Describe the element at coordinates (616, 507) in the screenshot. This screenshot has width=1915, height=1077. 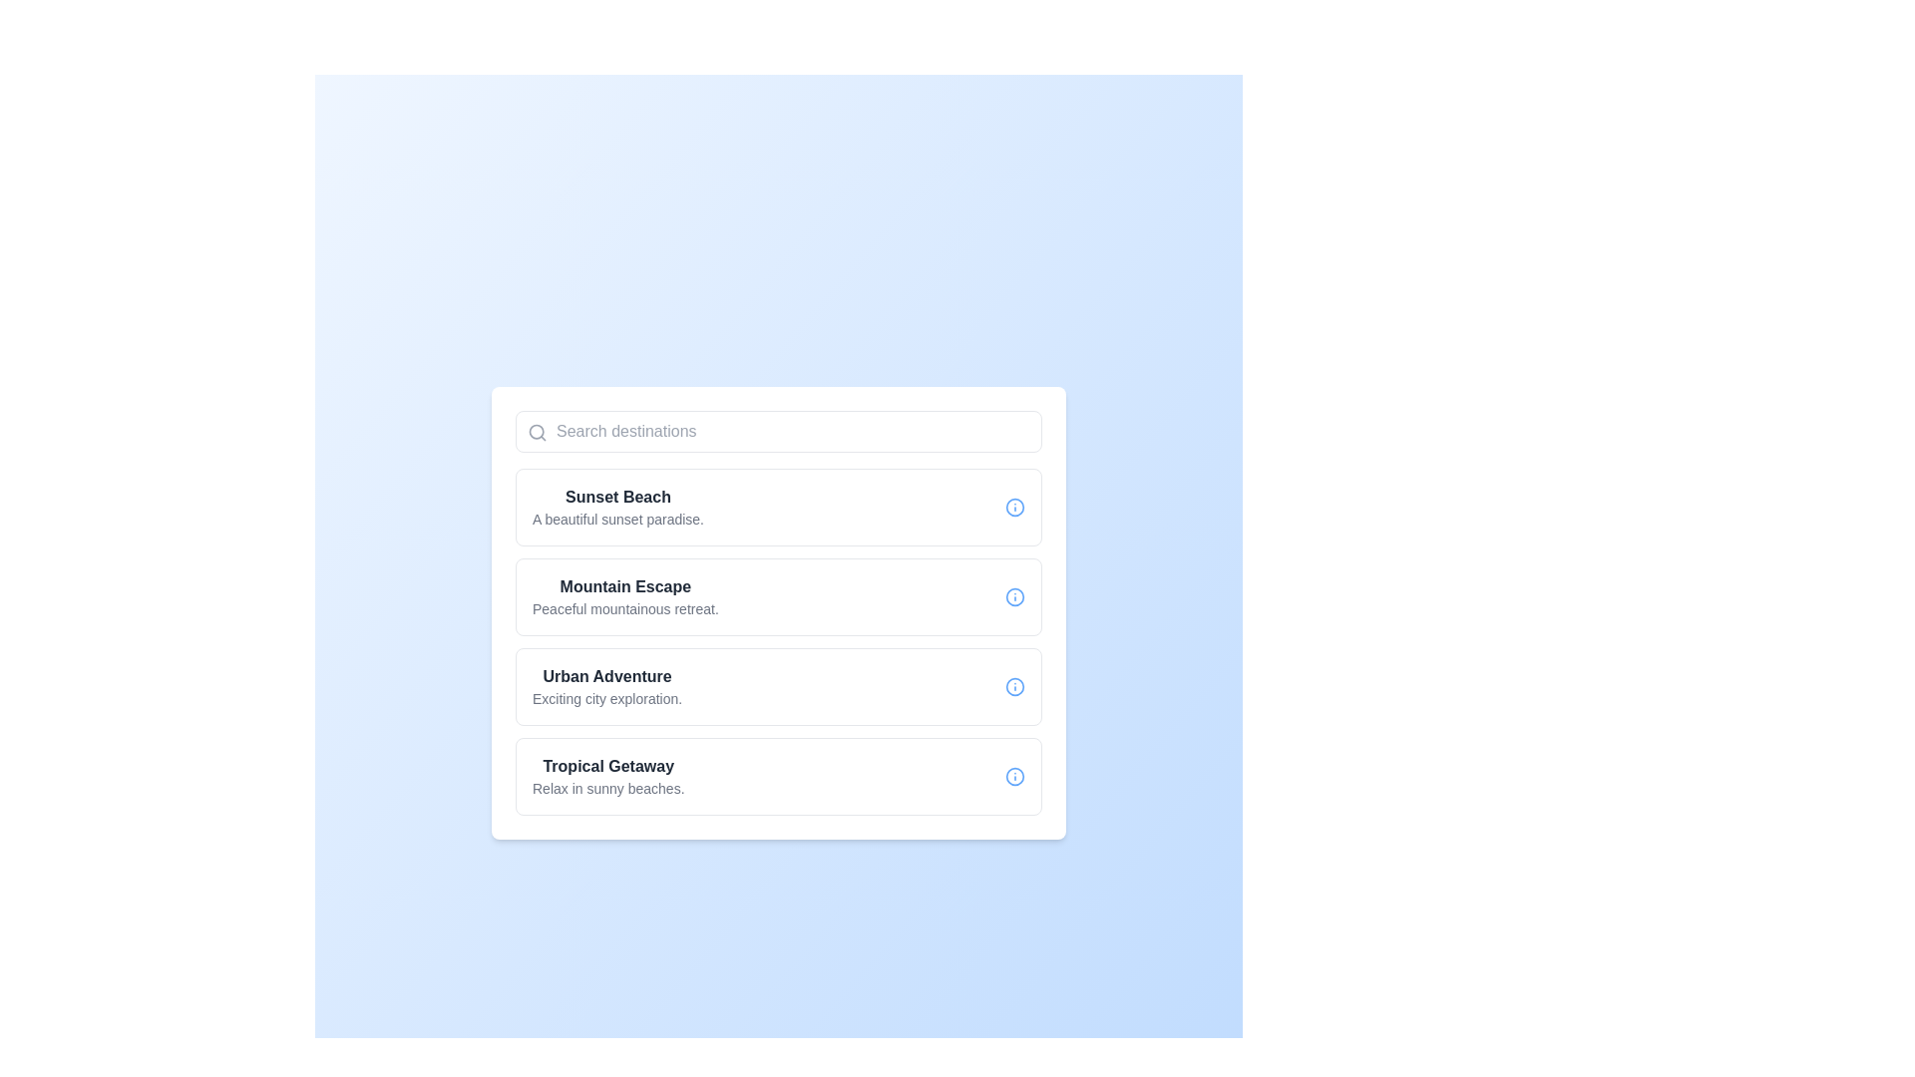
I see `text label titled 'Sunset Beach' which features a bold title and a subtitle describing it as 'A beautiful sunset paradise'. This label is located in the first card of the vertical list of destination options, just below the search bar` at that location.